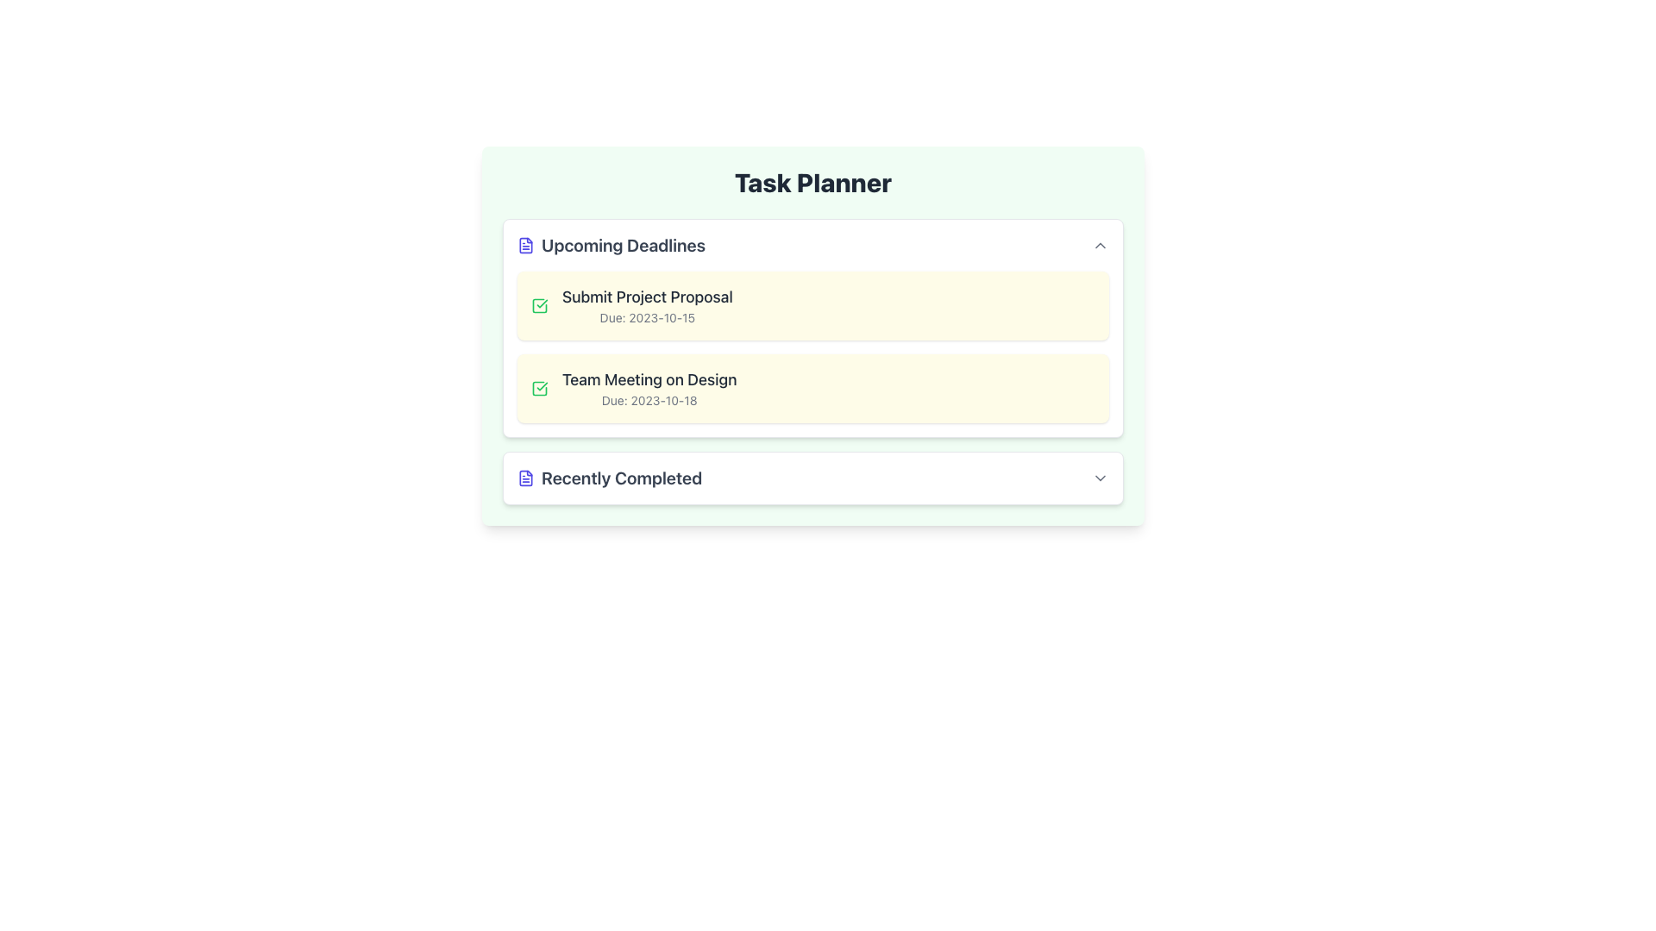  I want to click on the status of the green checkmark icon with rounded borders, located to the left of the text 'Team Meeting on Design' in the yellow-highlighted task box, so click(538, 389).